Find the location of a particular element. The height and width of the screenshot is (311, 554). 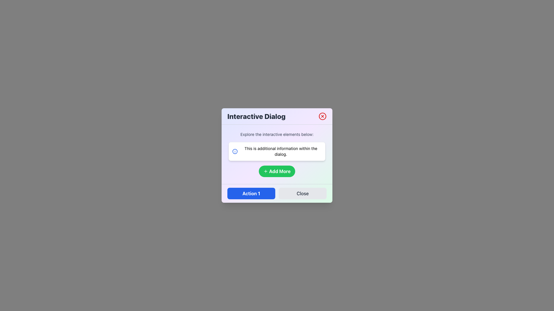

the 'Add More' button is located at coordinates (280, 171).